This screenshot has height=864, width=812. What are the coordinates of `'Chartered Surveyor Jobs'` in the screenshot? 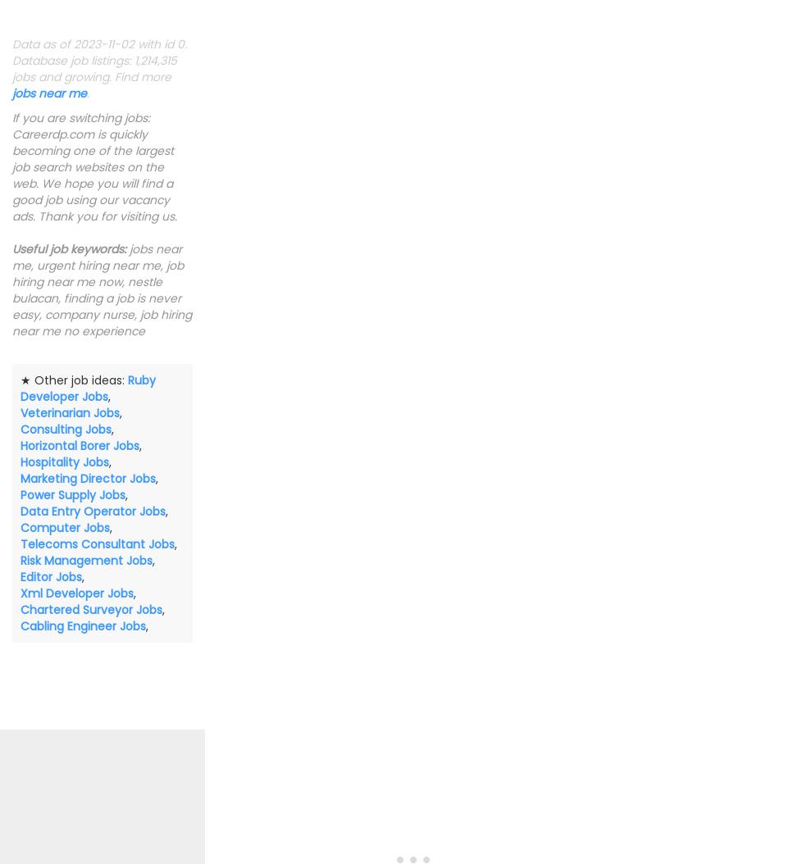 It's located at (90, 608).